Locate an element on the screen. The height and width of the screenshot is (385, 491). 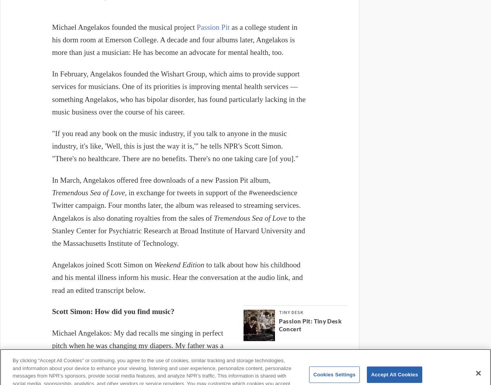
'to talk about how his childhood and his mental illness inform his music. Hear the conversation at the audio link, and read an edited transcript below.' is located at coordinates (177, 277).